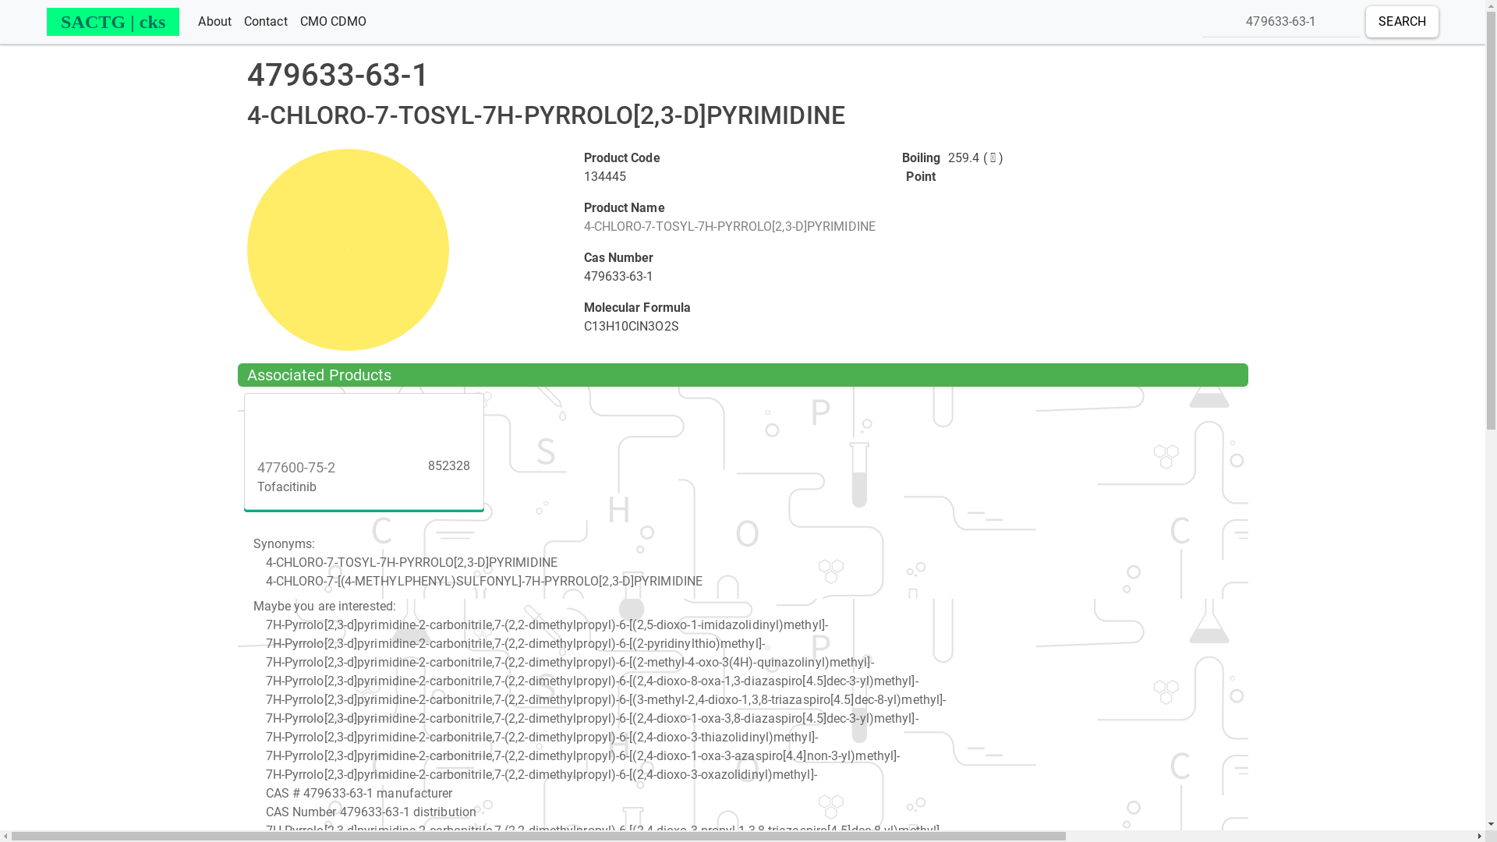 Image resolution: width=1497 pixels, height=842 pixels. I want to click on 'SACTG | cks', so click(111, 21).